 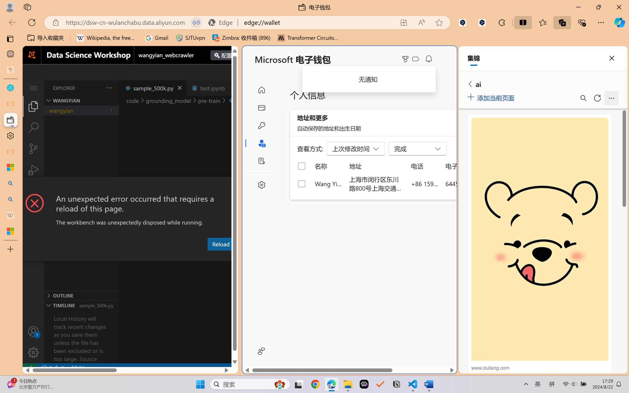 What do you see at coordinates (81, 295) in the screenshot?
I see `'Outline Section'` at bounding box center [81, 295].